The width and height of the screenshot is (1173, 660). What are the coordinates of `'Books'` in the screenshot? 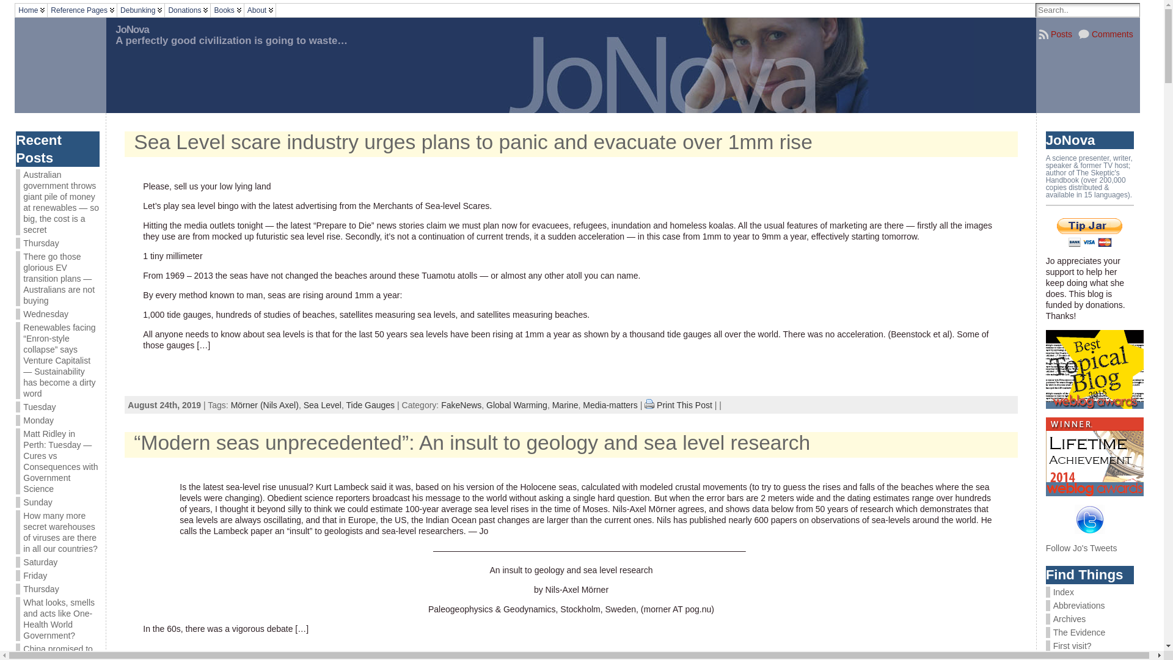 It's located at (227, 10).